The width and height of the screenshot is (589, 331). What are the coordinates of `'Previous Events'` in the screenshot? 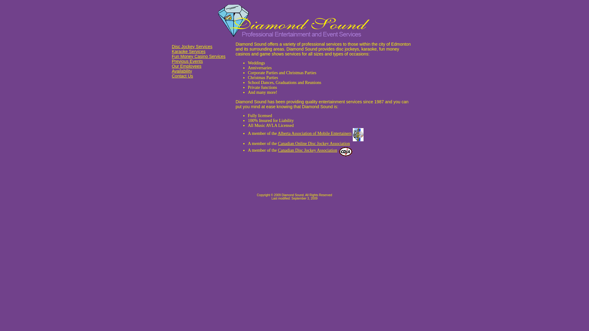 It's located at (187, 61).